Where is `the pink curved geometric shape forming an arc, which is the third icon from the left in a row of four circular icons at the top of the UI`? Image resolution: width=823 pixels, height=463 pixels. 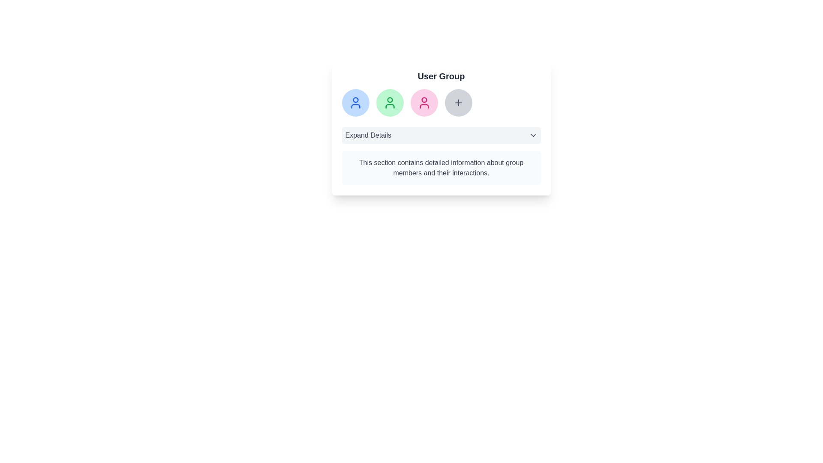 the pink curved geometric shape forming an arc, which is the third icon from the left in a row of four circular icons at the top of the UI is located at coordinates (424, 105).